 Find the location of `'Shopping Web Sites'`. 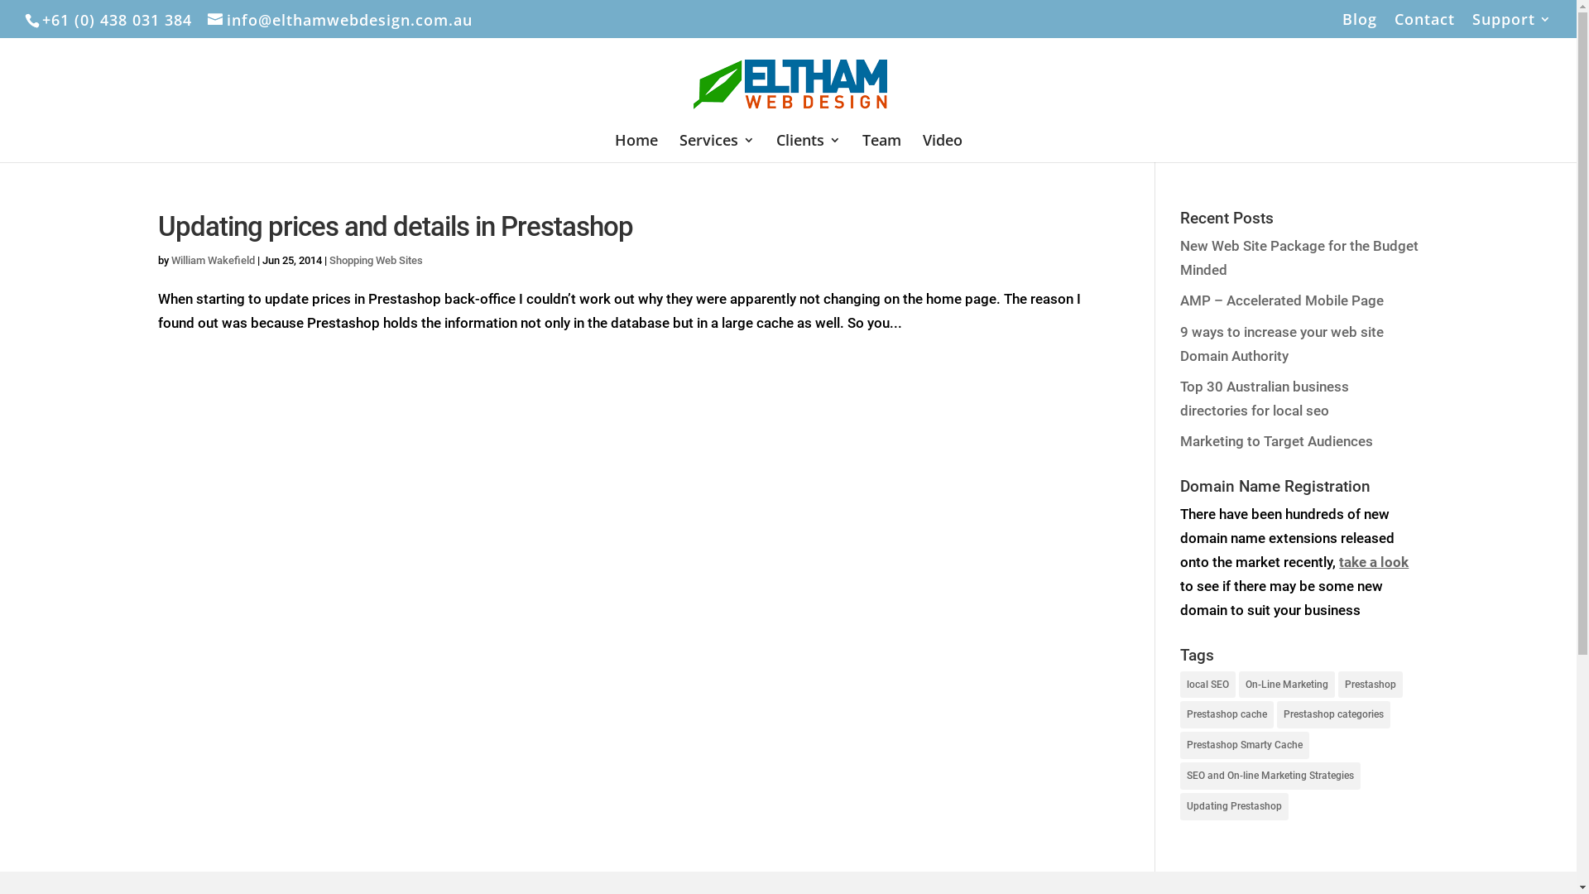

'Shopping Web Sites' is located at coordinates (375, 260).